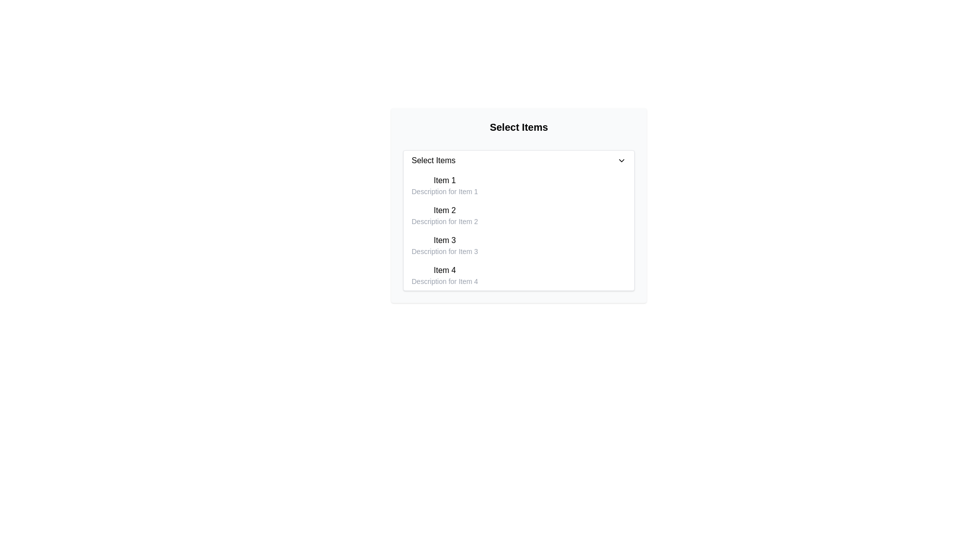 This screenshot has height=539, width=958. Describe the element at coordinates (433, 160) in the screenshot. I see `the 'Select Items' text label in the dropdown menu` at that location.